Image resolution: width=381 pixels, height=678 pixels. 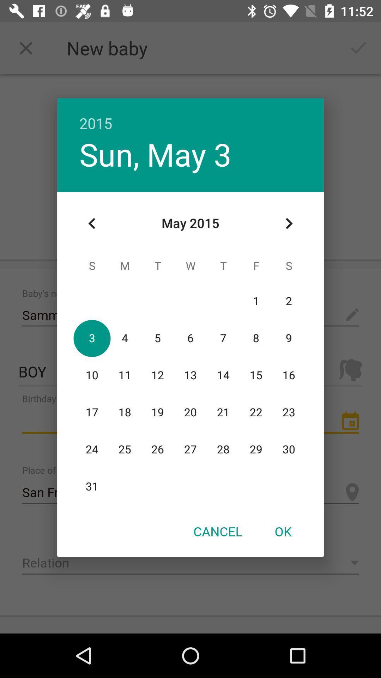 I want to click on the ok at the bottom right corner, so click(x=283, y=531).